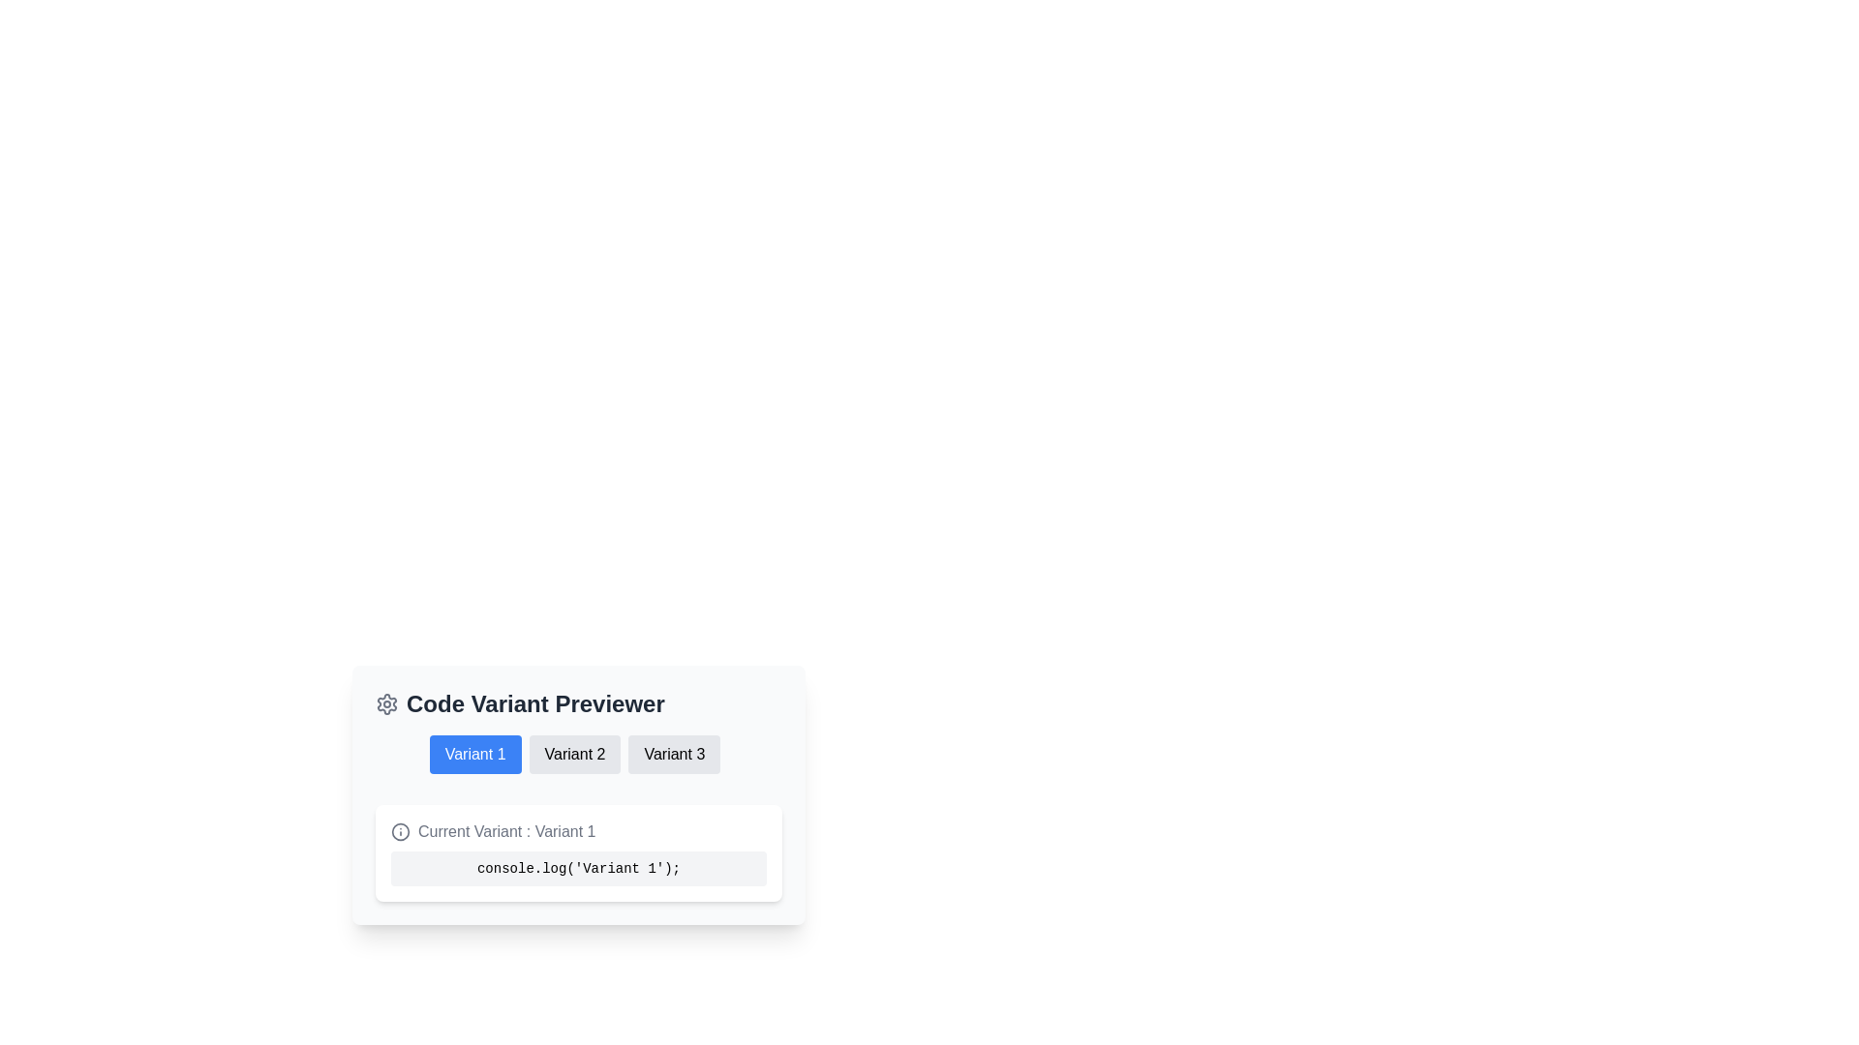 The width and height of the screenshot is (1859, 1045). I want to click on the button labeled 'Variant 2' in the 'Code Variant Previewer' section to trigger its hover state, so click(574, 753).